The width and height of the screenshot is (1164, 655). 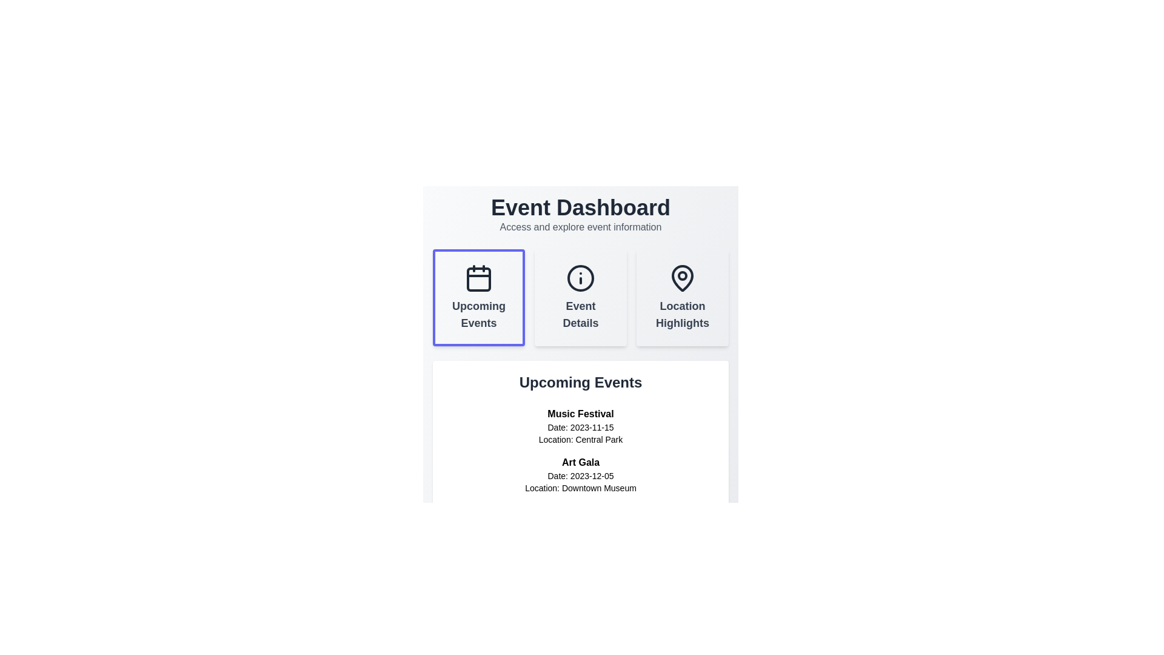 What do you see at coordinates (580, 214) in the screenshot?
I see `text content of the Header section, which provides the page title and a brief descriptive text informing users about its purpose` at bounding box center [580, 214].